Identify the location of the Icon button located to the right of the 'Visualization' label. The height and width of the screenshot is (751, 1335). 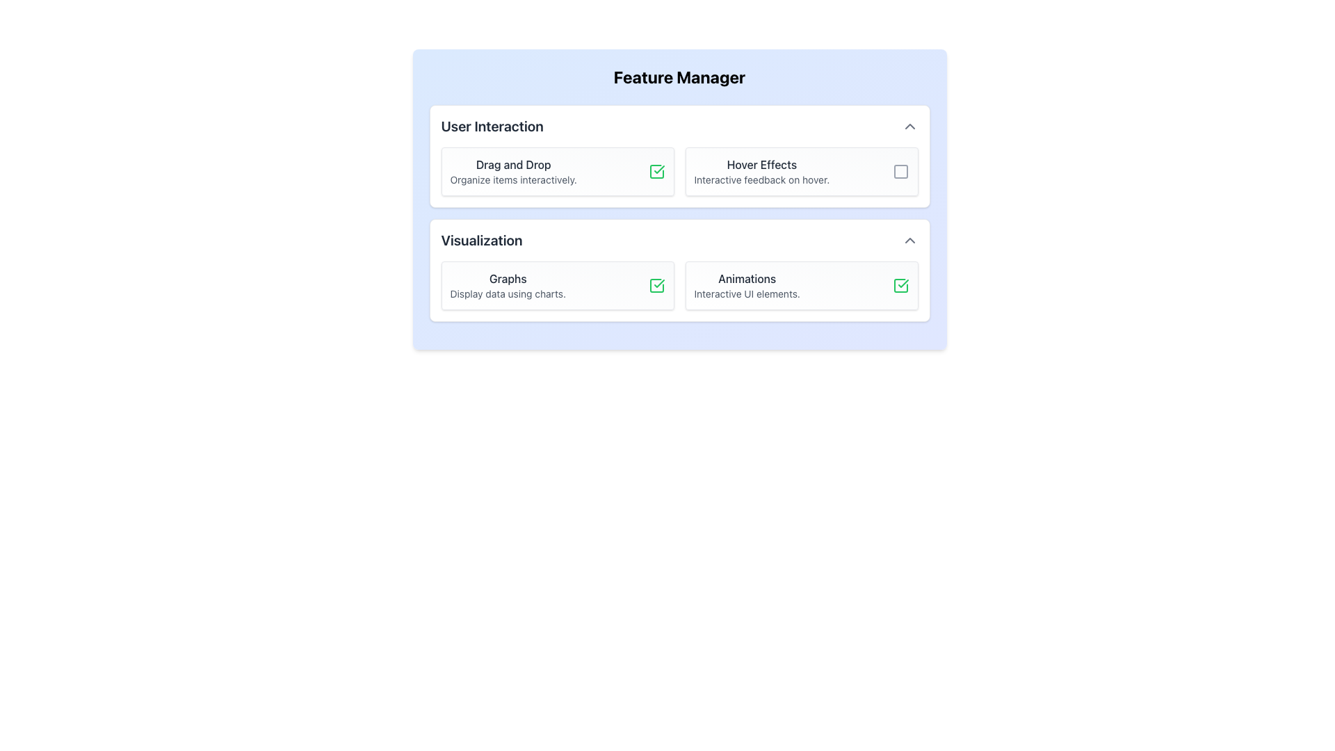
(909, 240).